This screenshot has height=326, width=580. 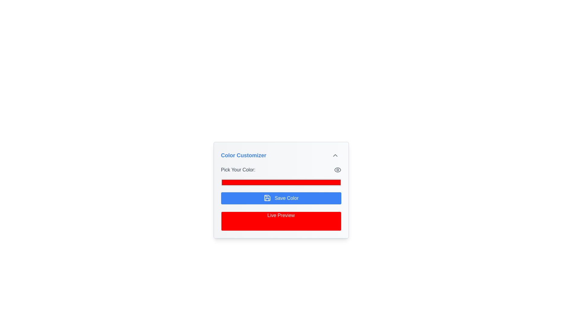 What do you see at coordinates (337, 170) in the screenshot?
I see `the Eye icon located at the top-right corner of the color customization section` at bounding box center [337, 170].